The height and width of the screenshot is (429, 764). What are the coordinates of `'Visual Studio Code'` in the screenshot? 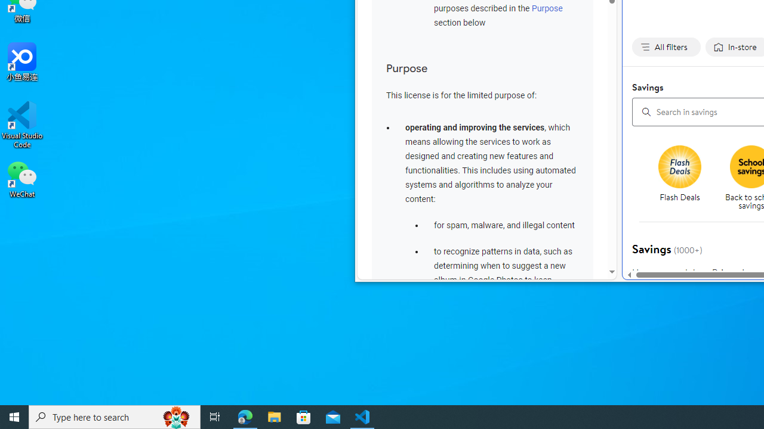 It's located at (22, 125).